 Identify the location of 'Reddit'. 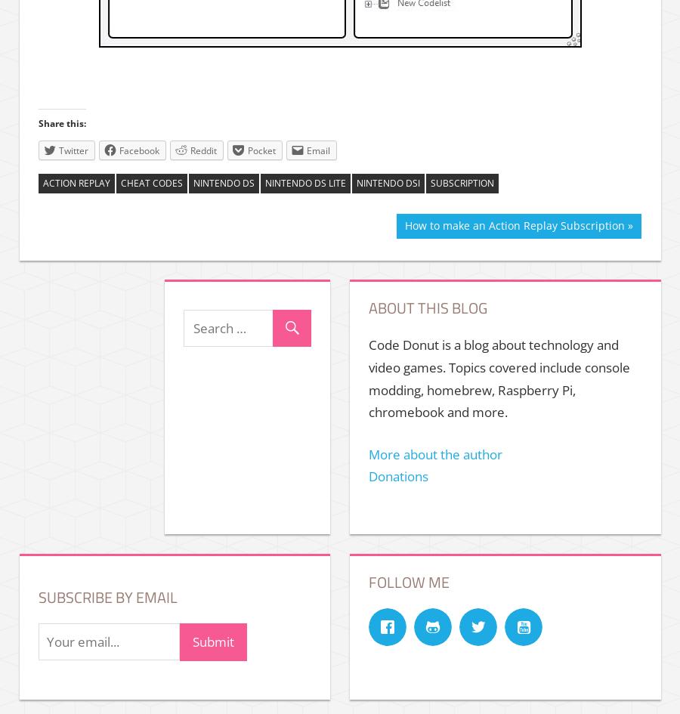
(190, 150).